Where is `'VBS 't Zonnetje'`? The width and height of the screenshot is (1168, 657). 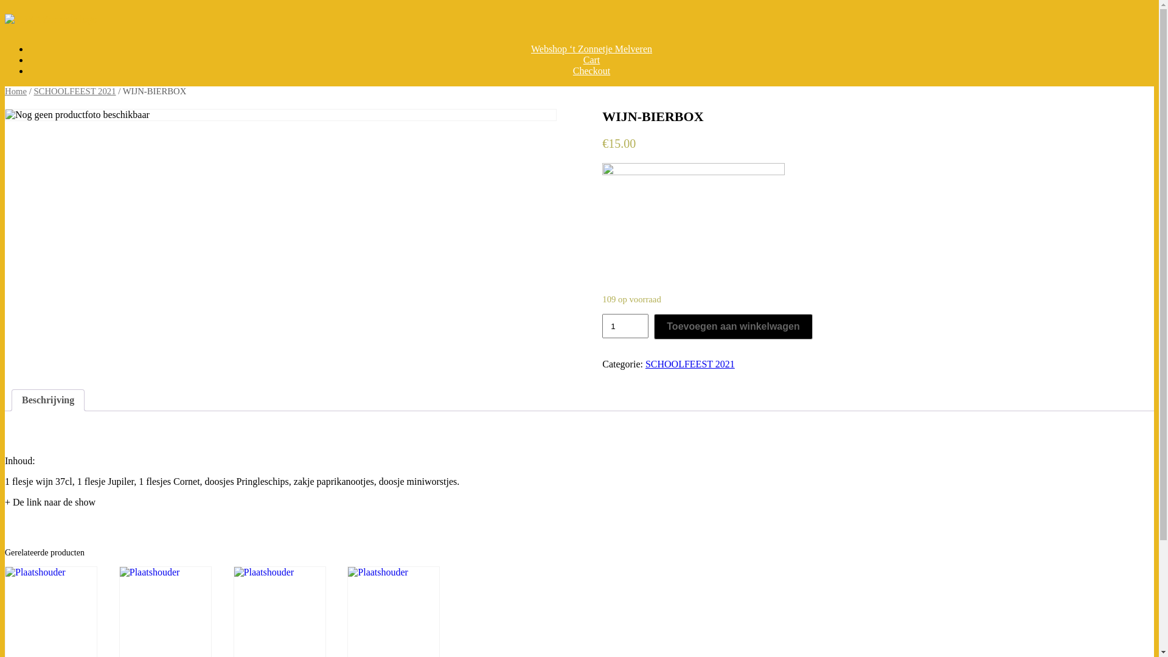 'VBS 't Zonnetje' is located at coordinates (5, 19).